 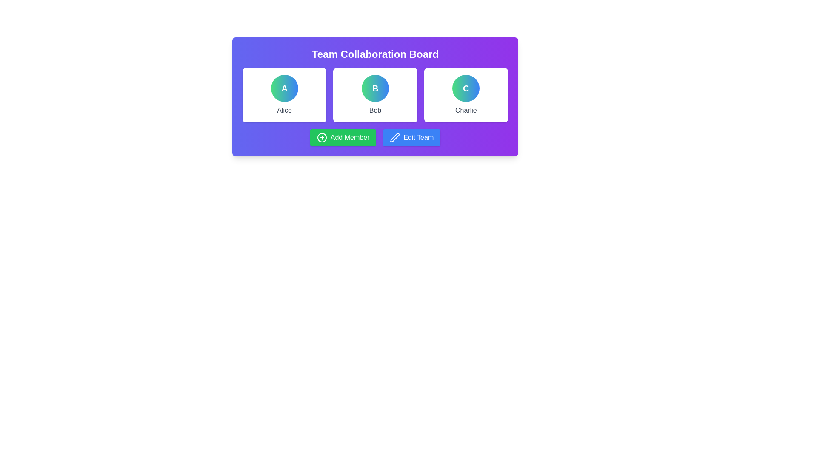 What do you see at coordinates (284, 95) in the screenshot?
I see `the User Profile Card displaying 'Alice', which features a gradient-filled circular badge with the letter 'A' in white bold text` at bounding box center [284, 95].